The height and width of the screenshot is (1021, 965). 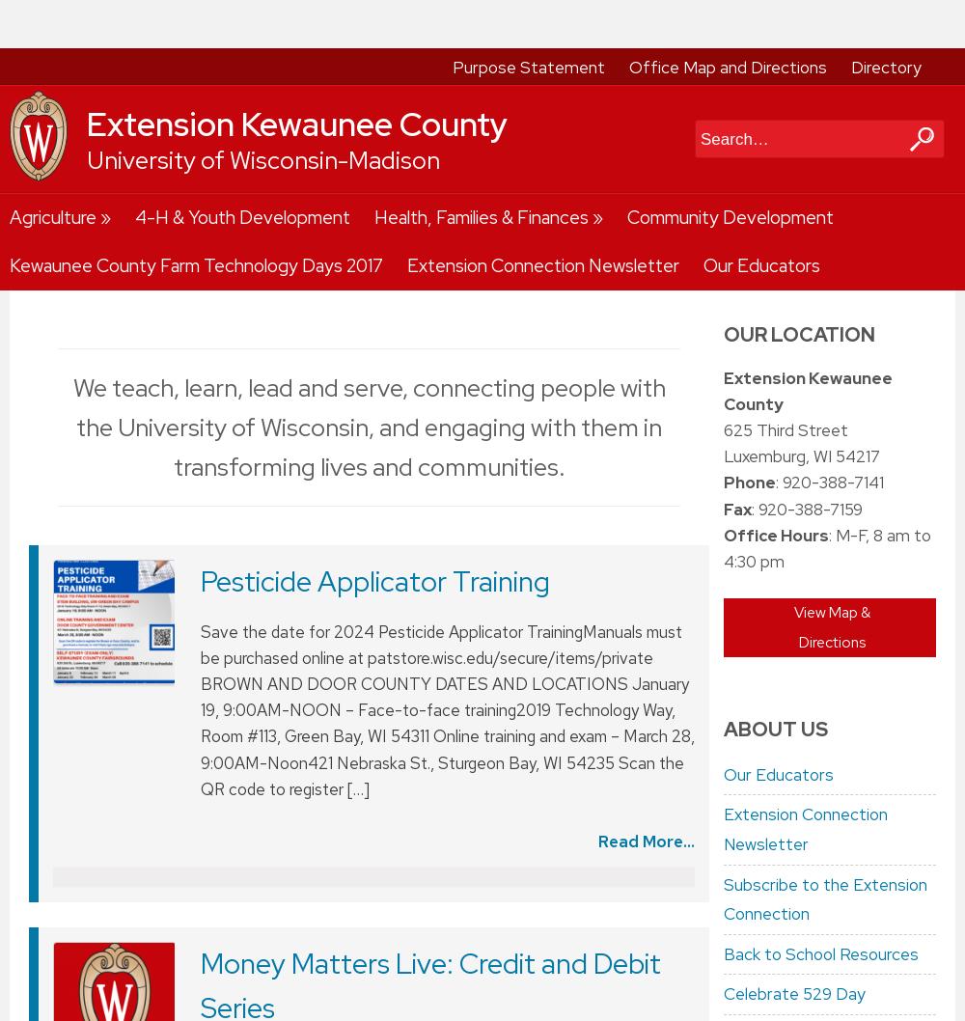 I want to click on 'Just in Time Parenting', so click(x=337, y=769).